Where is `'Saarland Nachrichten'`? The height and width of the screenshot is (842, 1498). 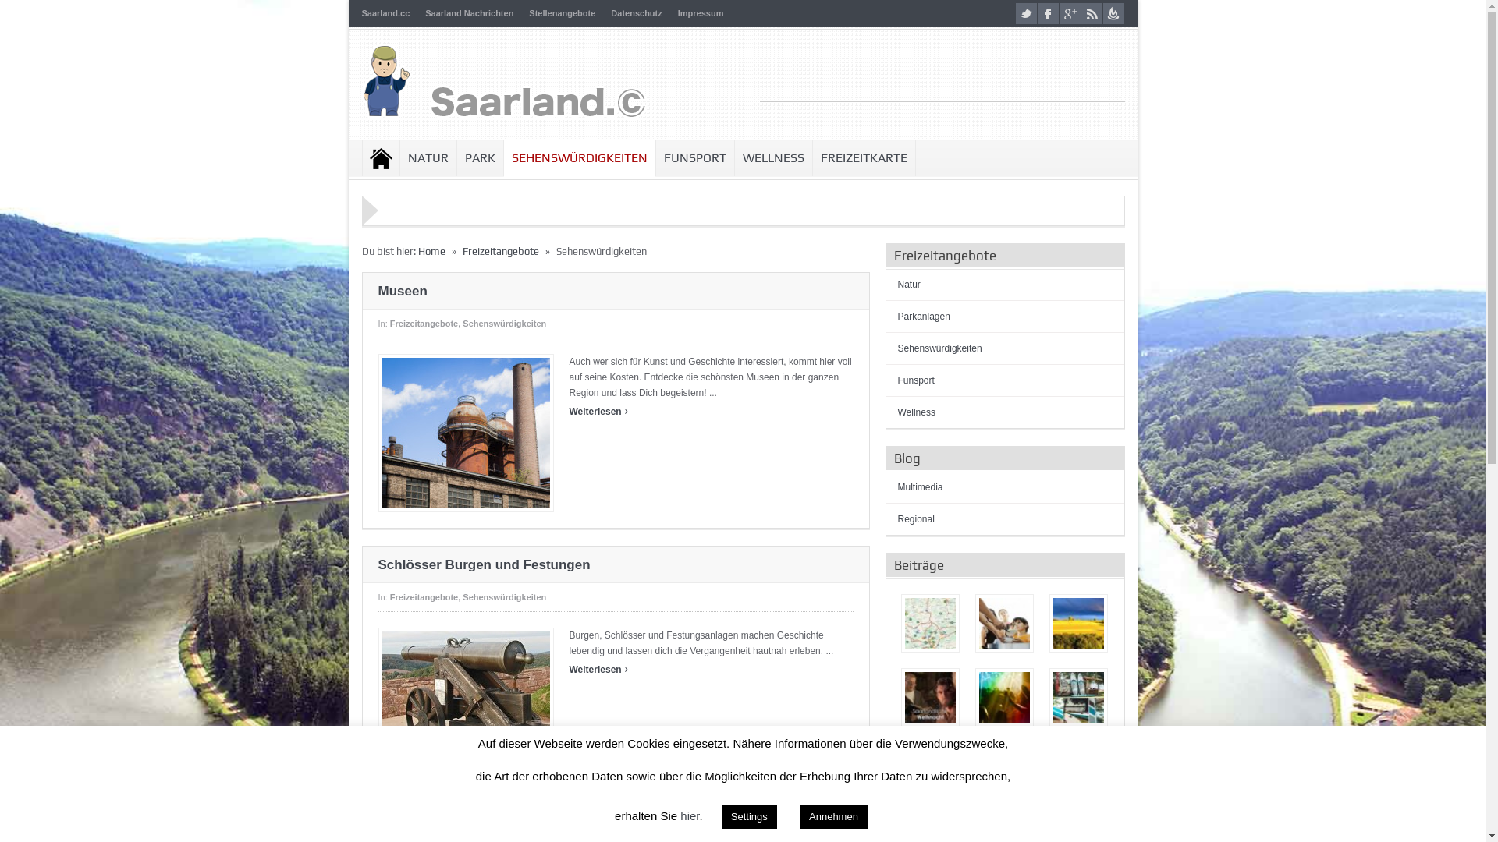
'Saarland Nachrichten' is located at coordinates (468, 12).